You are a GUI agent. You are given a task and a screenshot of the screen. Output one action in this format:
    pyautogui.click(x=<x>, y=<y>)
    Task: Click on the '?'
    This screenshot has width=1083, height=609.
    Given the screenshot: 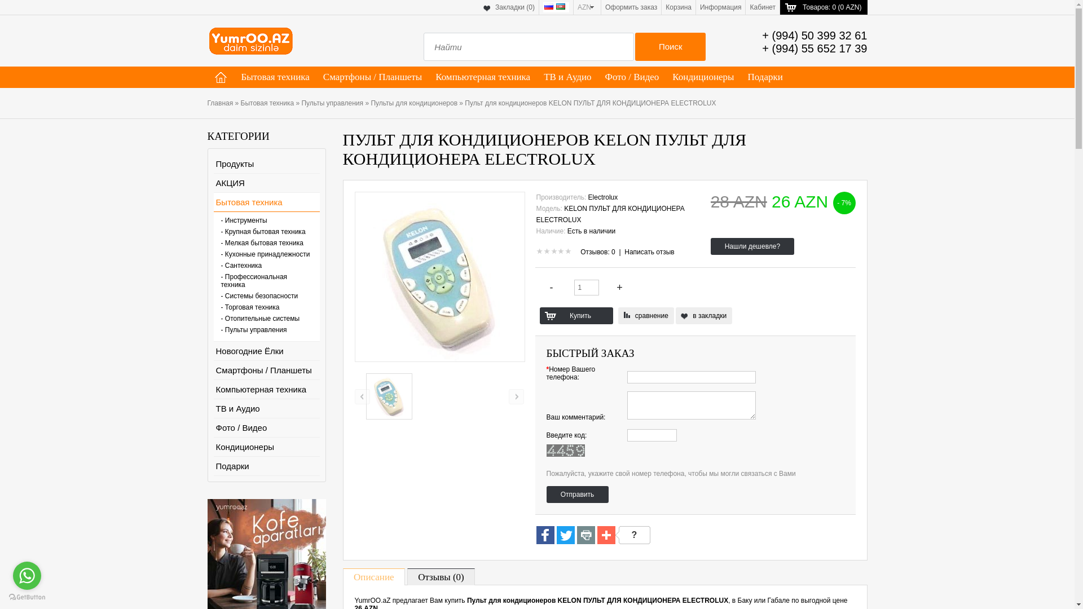 What is the action you would take?
    pyautogui.click(x=632, y=534)
    